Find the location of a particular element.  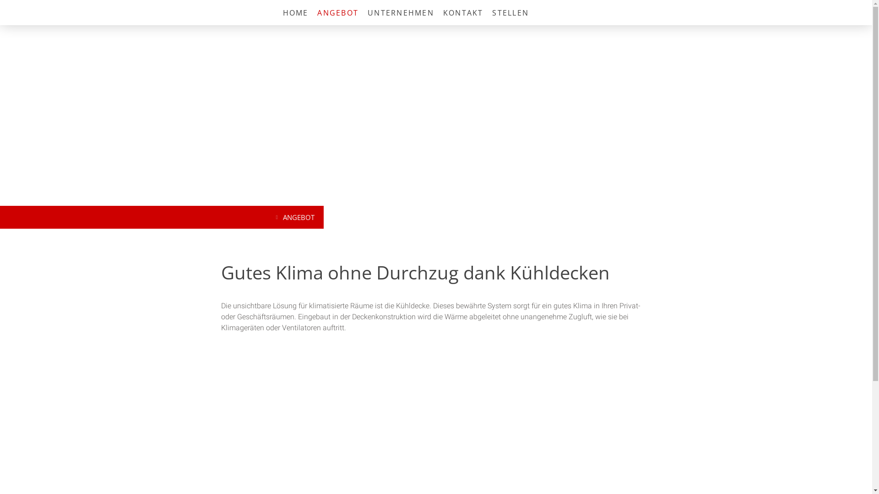

'ANGEBOT' is located at coordinates (296, 217).